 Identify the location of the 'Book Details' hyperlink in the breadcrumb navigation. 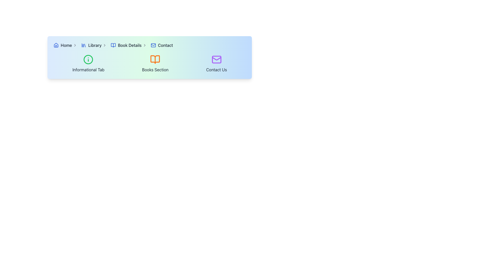
(130, 45).